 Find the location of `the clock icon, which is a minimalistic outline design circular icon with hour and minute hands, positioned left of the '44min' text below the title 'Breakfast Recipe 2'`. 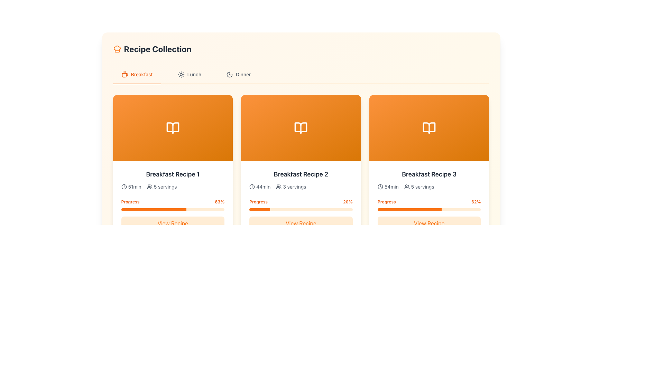

the clock icon, which is a minimalistic outline design circular icon with hour and minute hands, positioned left of the '44min' text below the title 'Breakfast Recipe 2' is located at coordinates (252, 186).